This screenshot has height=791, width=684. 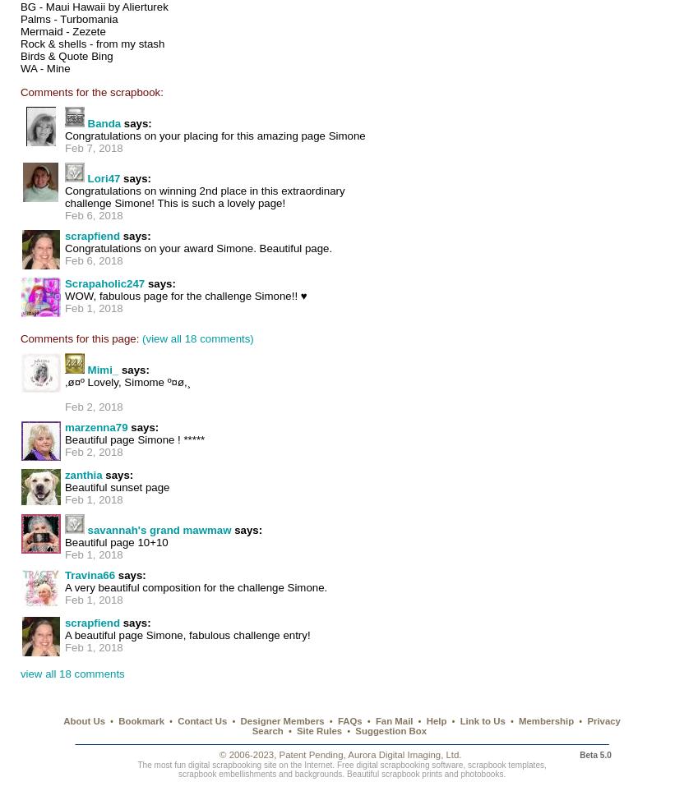 What do you see at coordinates (90, 91) in the screenshot?
I see `'Comments for the scrapbook:'` at bounding box center [90, 91].